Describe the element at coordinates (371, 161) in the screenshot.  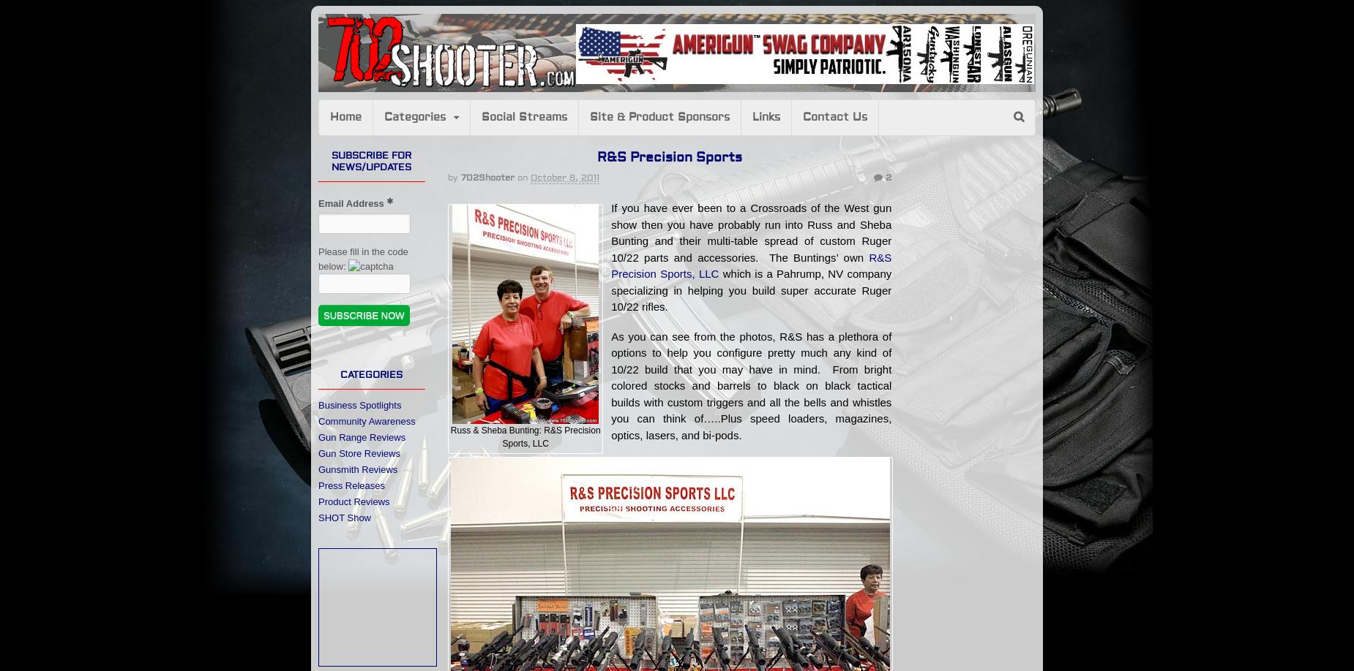
I see `'Subscribe for News/Updates'` at that location.